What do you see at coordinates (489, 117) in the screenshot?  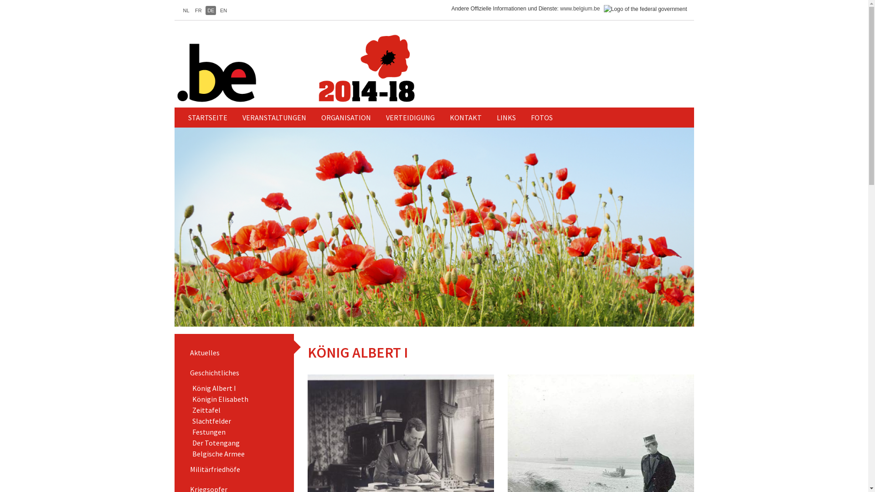 I see `'LINKS'` at bounding box center [489, 117].